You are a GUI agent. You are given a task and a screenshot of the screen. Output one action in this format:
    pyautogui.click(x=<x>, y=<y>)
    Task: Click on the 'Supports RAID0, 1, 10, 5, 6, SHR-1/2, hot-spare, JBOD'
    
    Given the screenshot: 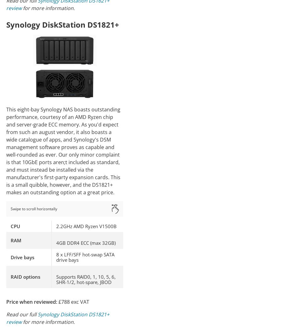 What is the action you would take?
    pyautogui.click(x=56, y=279)
    